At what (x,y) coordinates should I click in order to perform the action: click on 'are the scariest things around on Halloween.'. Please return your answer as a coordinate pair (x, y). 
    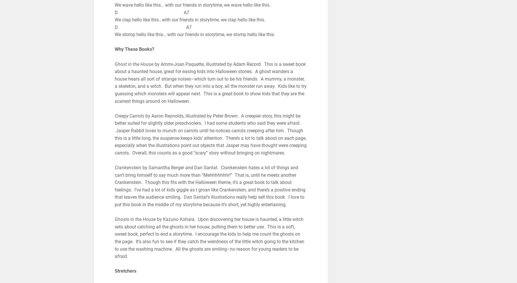
    Looking at the image, I should click on (209, 97).